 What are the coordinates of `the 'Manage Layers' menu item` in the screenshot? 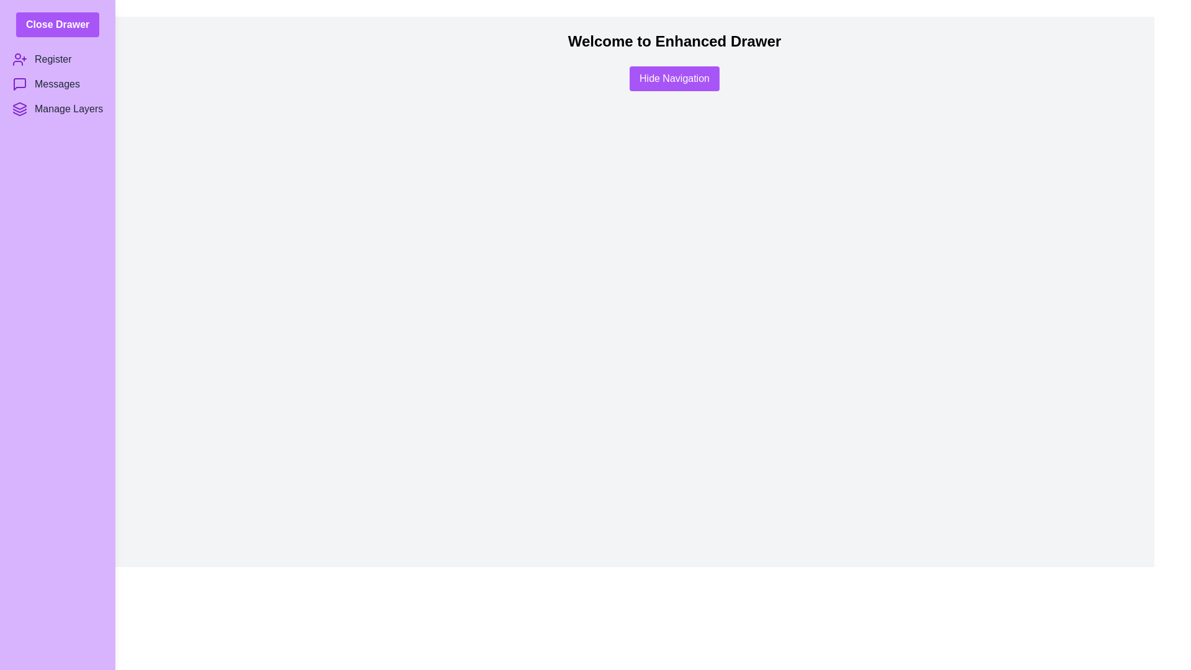 It's located at (56, 109).